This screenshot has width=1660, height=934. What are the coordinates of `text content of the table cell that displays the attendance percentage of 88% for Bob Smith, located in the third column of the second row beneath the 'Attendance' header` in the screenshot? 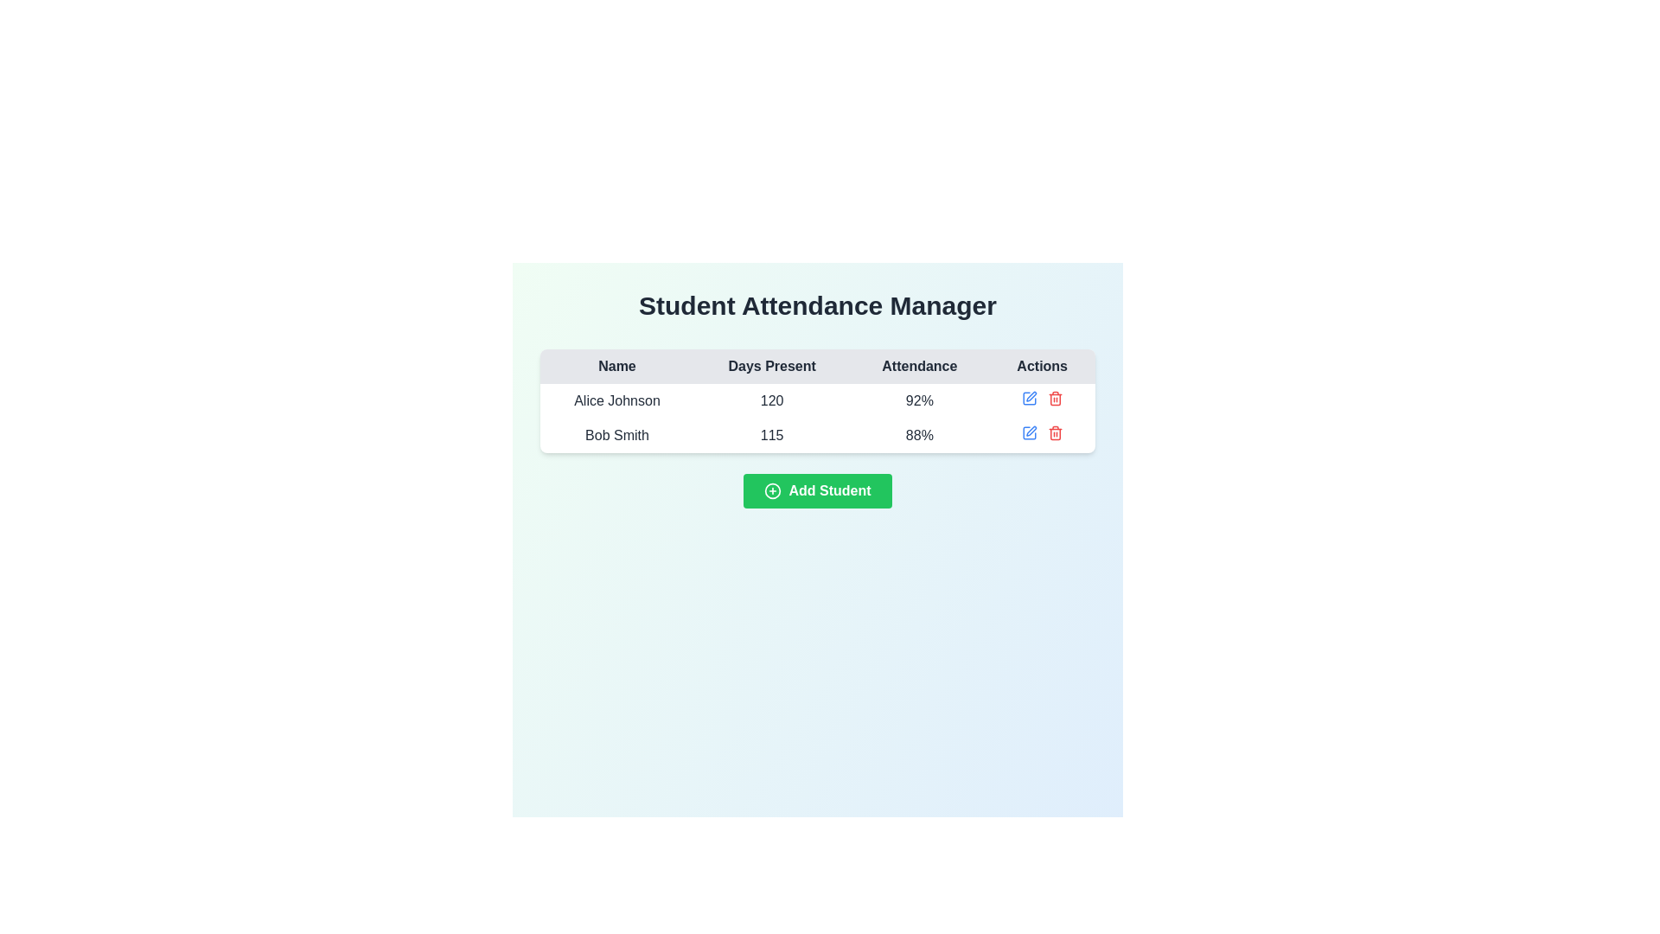 It's located at (918, 435).